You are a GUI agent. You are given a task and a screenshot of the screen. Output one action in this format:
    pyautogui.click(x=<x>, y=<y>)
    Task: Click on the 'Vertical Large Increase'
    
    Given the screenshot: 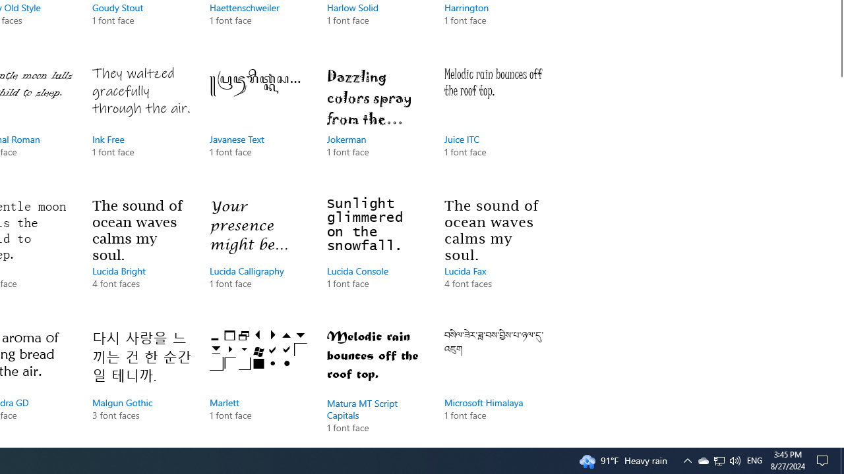 What is the action you would take?
    pyautogui.click(x=838, y=257)
    